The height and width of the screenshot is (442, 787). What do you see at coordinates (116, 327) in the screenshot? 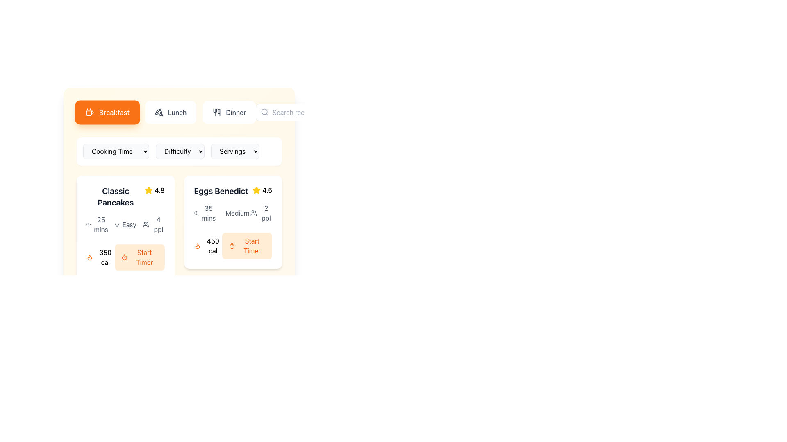
I see `the chef's hat icon located next to the 'Easy' label in the second section of the 'Classic Pancakes' card` at bounding box center [116, 327].